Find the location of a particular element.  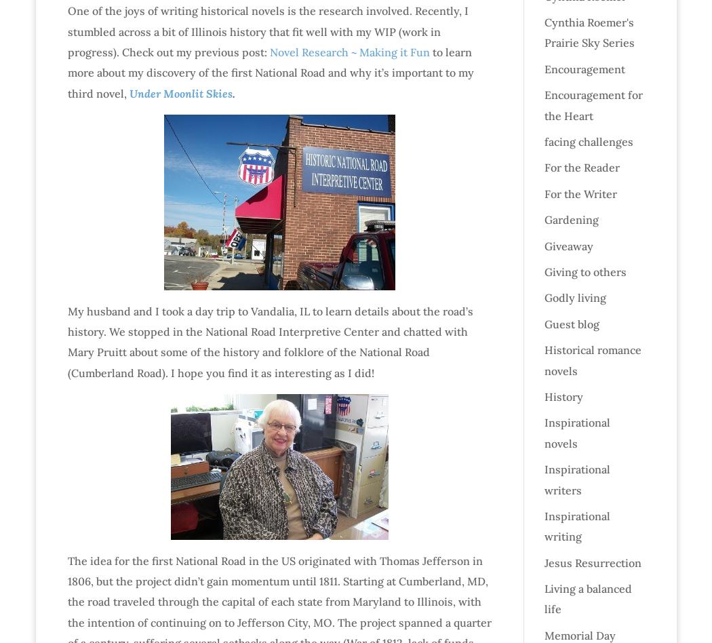

'Inspirational writing' is located at coordinates (576, 526).